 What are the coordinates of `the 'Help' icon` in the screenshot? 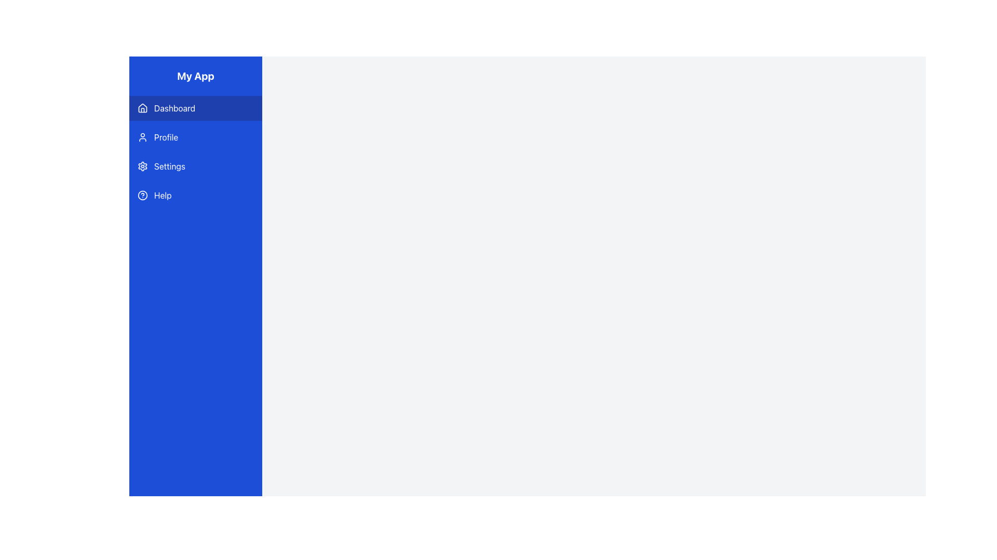 It's located at (142, 195).